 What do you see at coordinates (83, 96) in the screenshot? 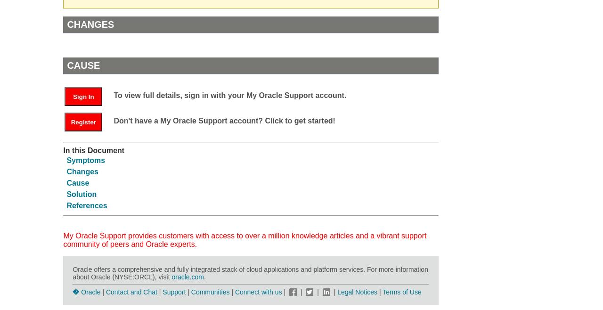
I see `'Sign In'` at bounding box center [83, 96].